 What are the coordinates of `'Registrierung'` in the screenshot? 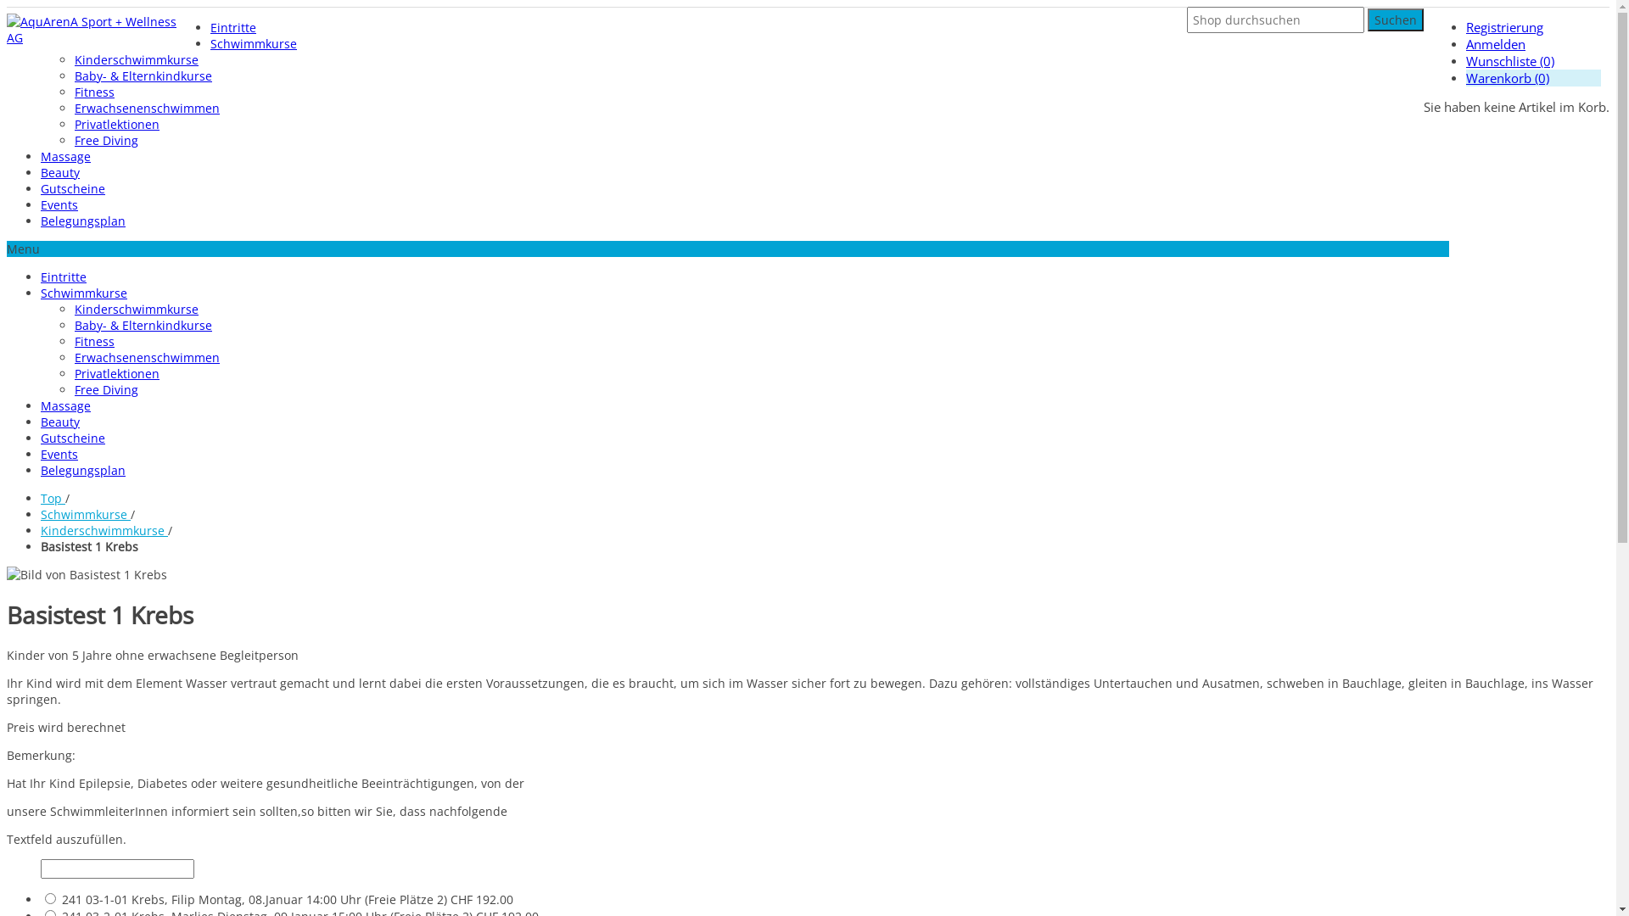 It's located at (1504, 26).